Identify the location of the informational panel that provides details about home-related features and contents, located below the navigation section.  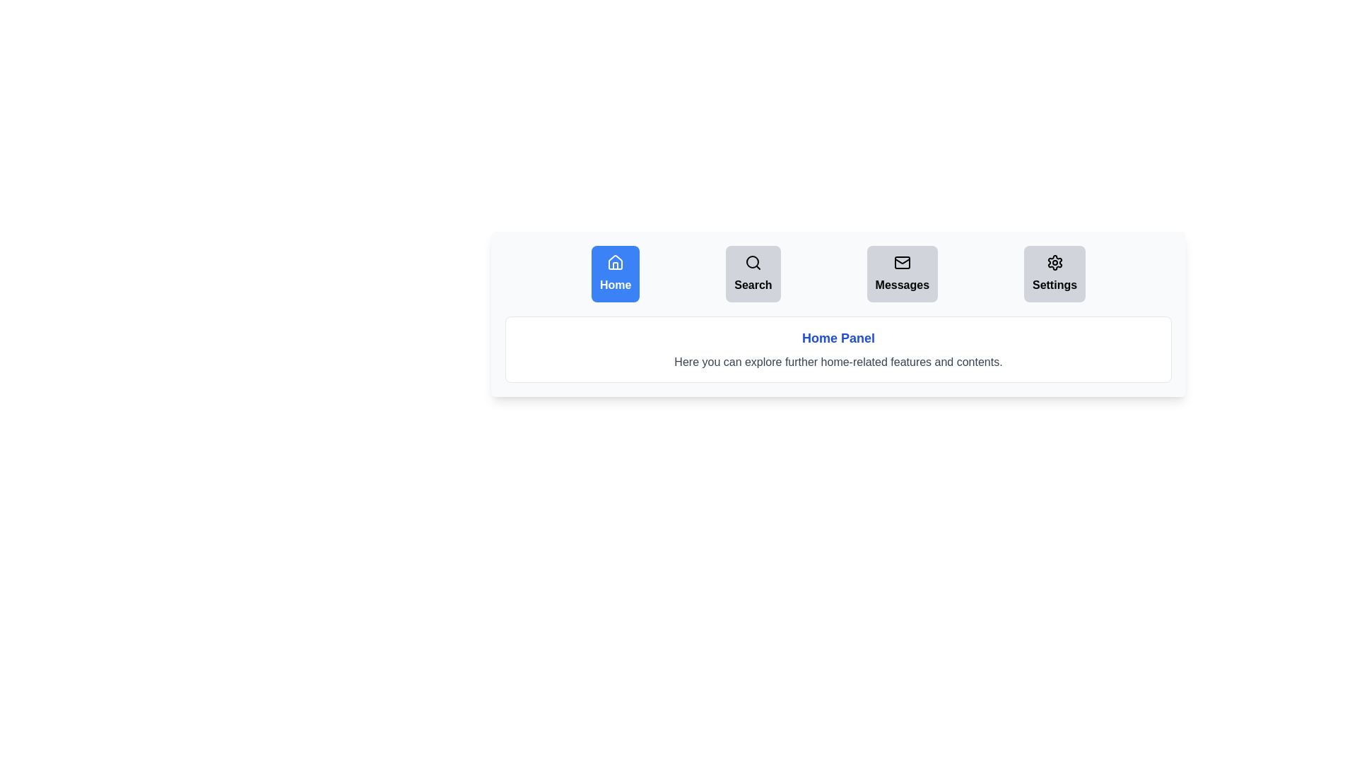
(838, 349).